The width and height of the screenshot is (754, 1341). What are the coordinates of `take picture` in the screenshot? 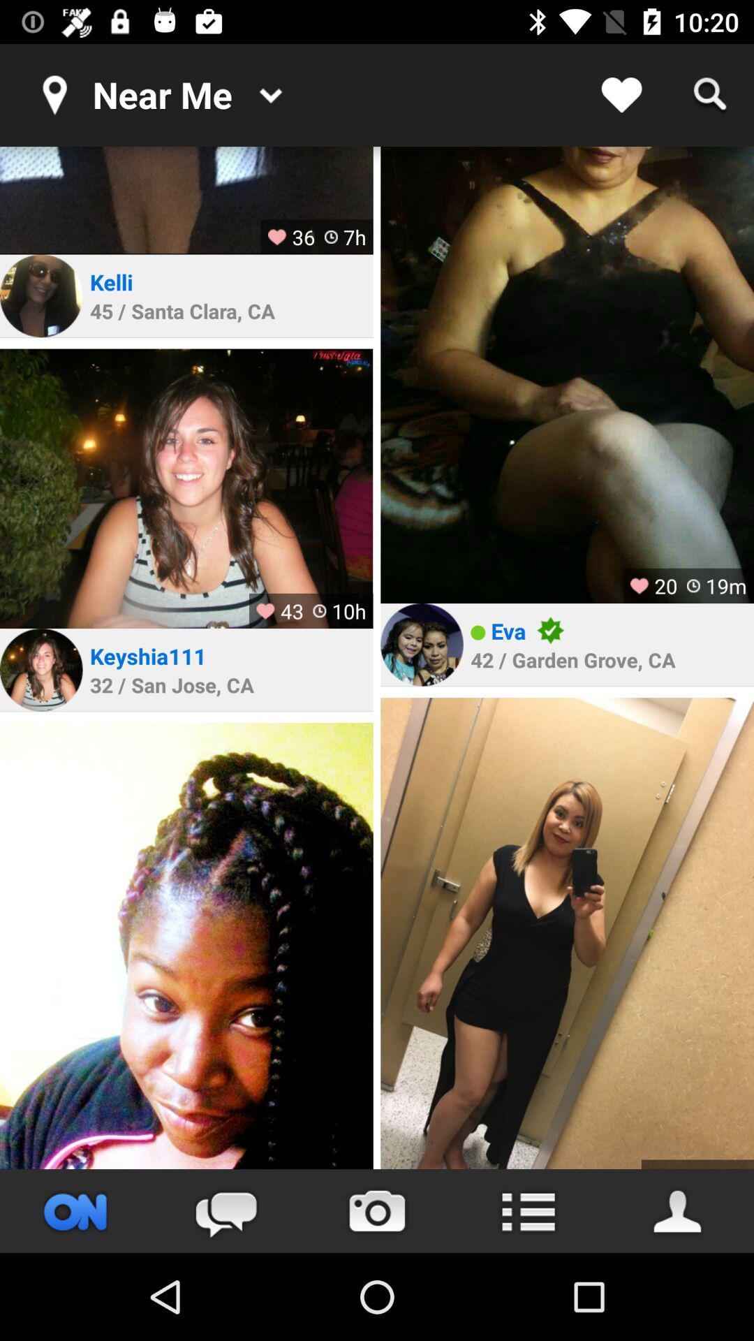 It's located at (377, 1210).